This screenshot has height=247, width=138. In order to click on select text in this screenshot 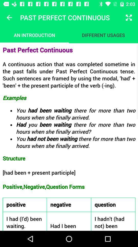, I will do `click(69, 137)`.